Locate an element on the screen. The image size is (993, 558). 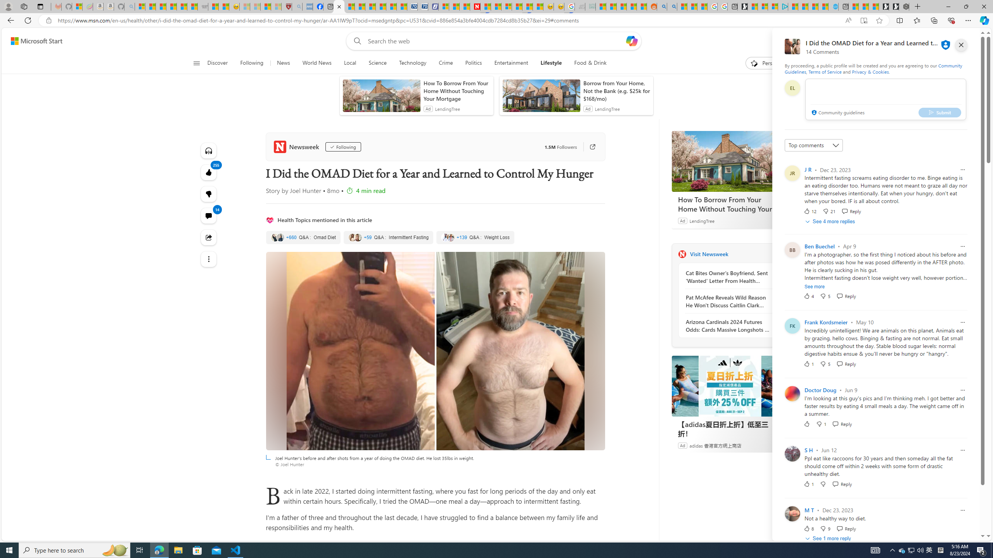
'Listen to this article' is located at coordinates (208, 150).